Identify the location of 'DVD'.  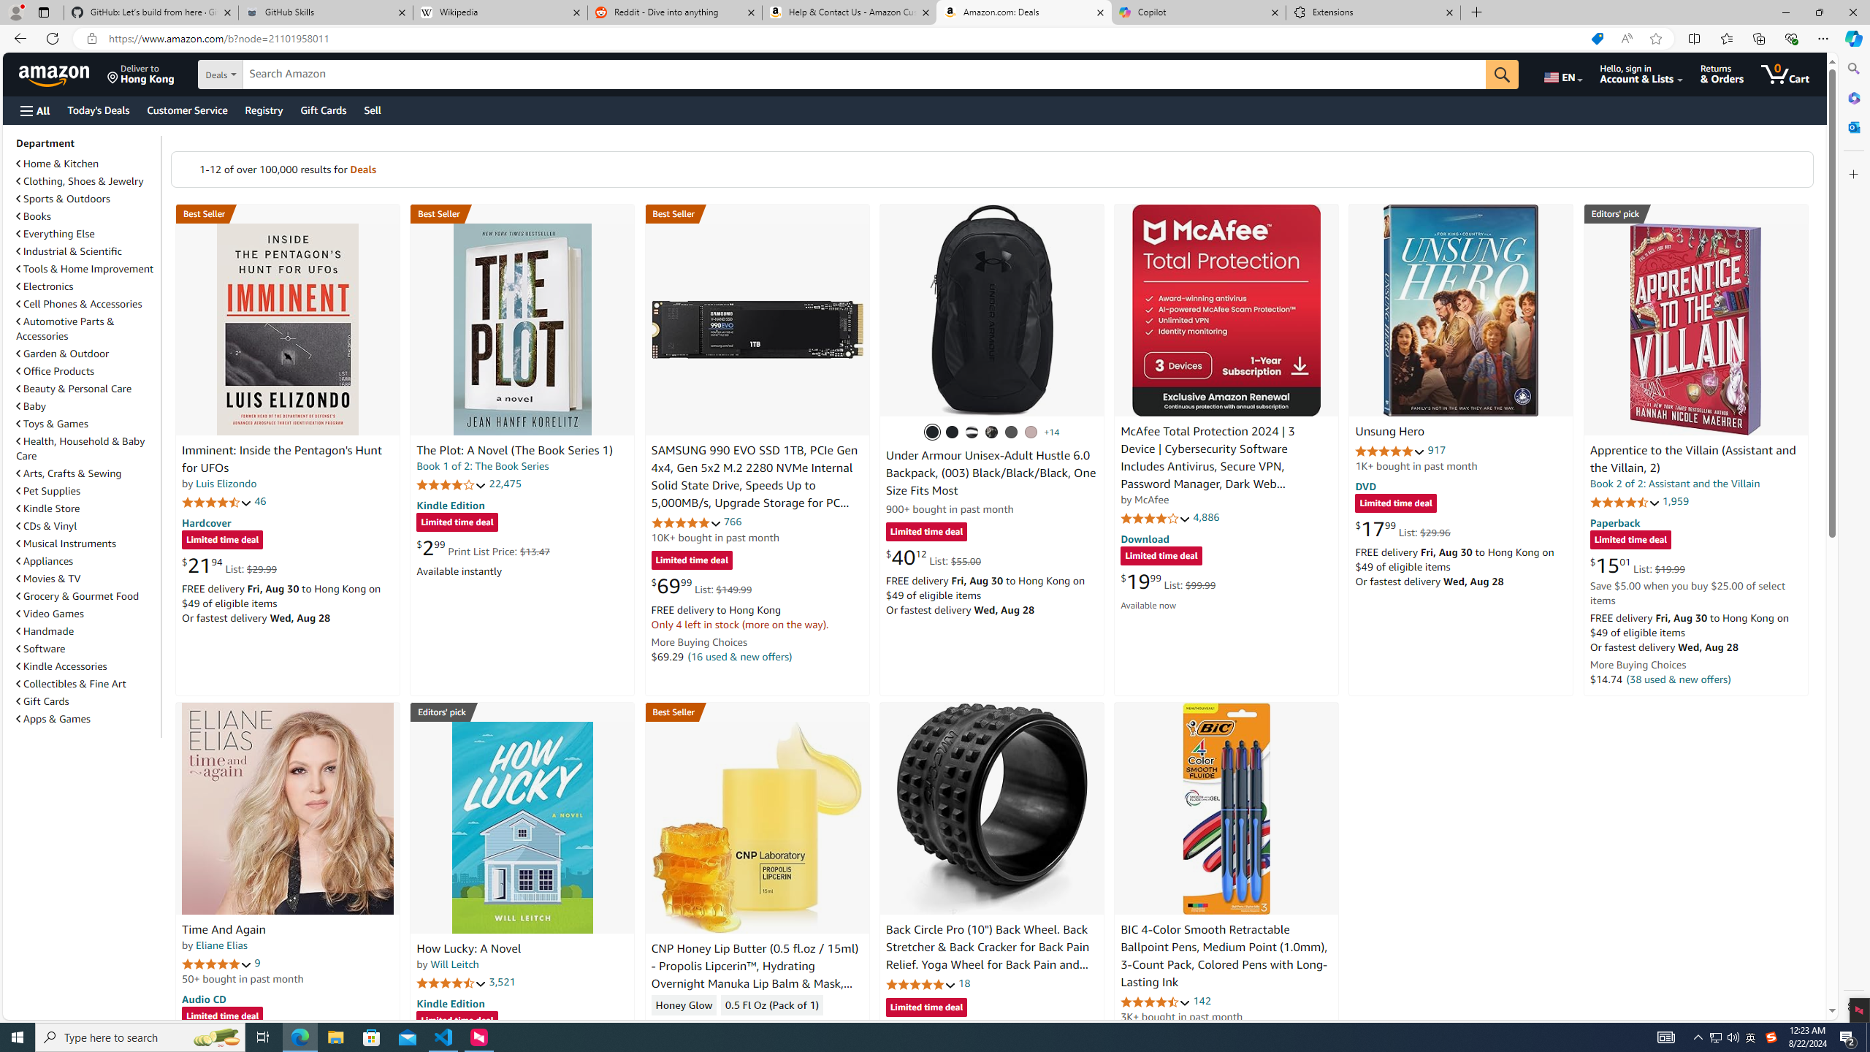
(1366, 487).